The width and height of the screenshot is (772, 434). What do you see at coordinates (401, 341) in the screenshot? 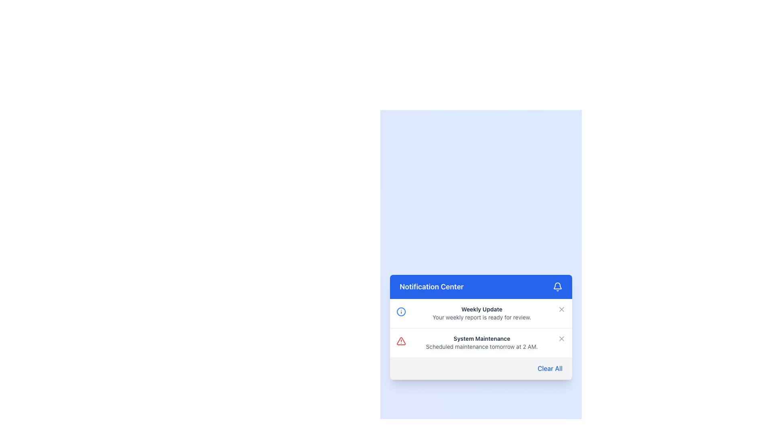
I see `the warning icon indicating a 'System Maintenance' notification` at bounding box center [401, 341].